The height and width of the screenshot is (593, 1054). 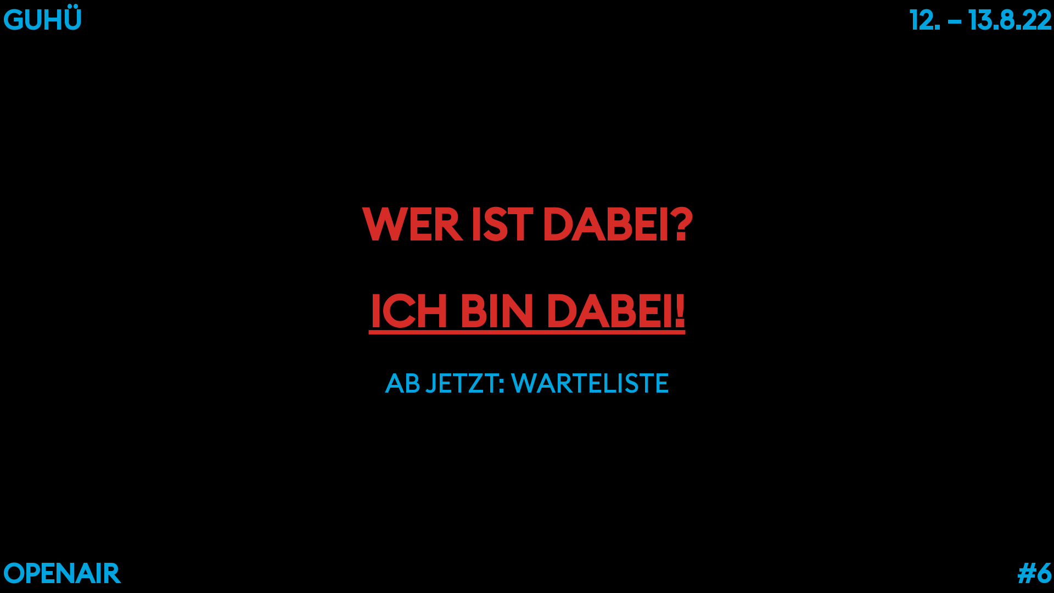 What do you see at coordinates (527, 311) in the screenshot?
I see `'ICH BIN DABEI!'` at bounding box center [527, 311].